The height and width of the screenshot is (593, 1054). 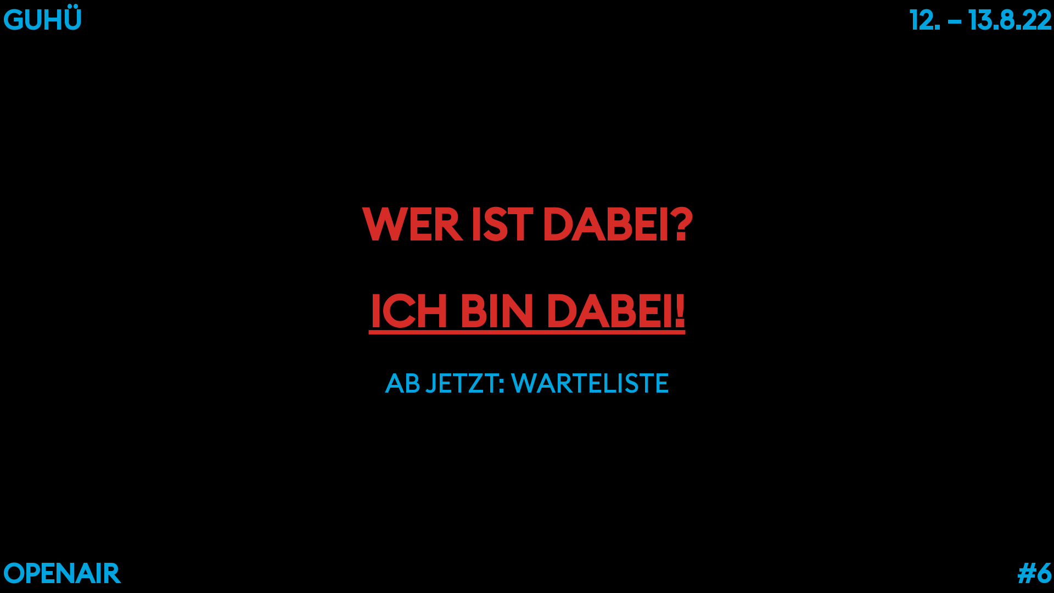 What do you see at coordinates (527, 311) in the screenshot?
I see `'ICH BIN DABEI!'` at bounding box center [527, 311].